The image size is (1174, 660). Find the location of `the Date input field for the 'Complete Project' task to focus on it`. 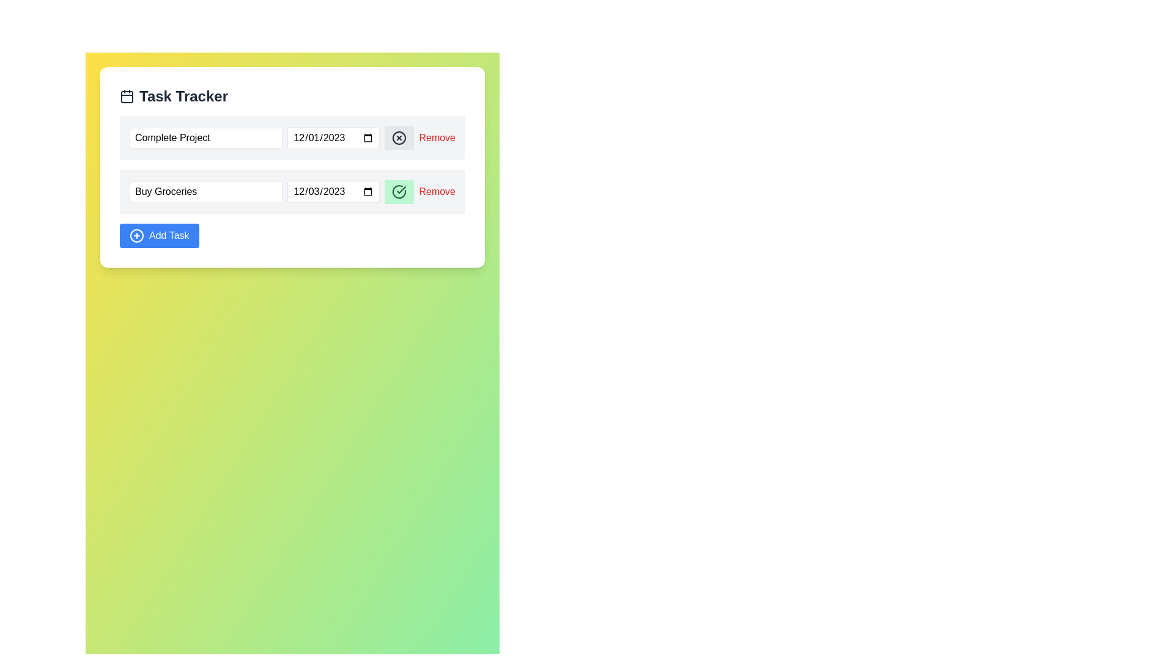

the Date input field for the 'Complete Project' task to focus on it is located at coordinates (333, 137).